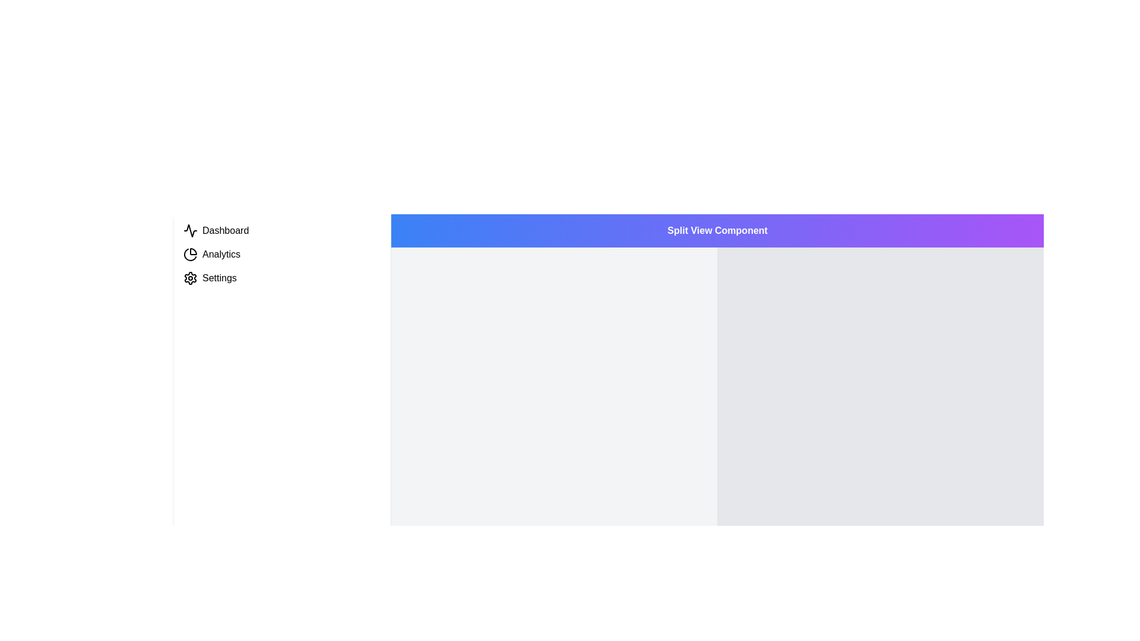 This screenshot has height=641, width=1140. What do you see at coordinates (191, 278) in the screenshot?
I see `the cogwheel-shaped icon located immediately to the left of the 'Settings' text label` at bounding box center [191, 278].